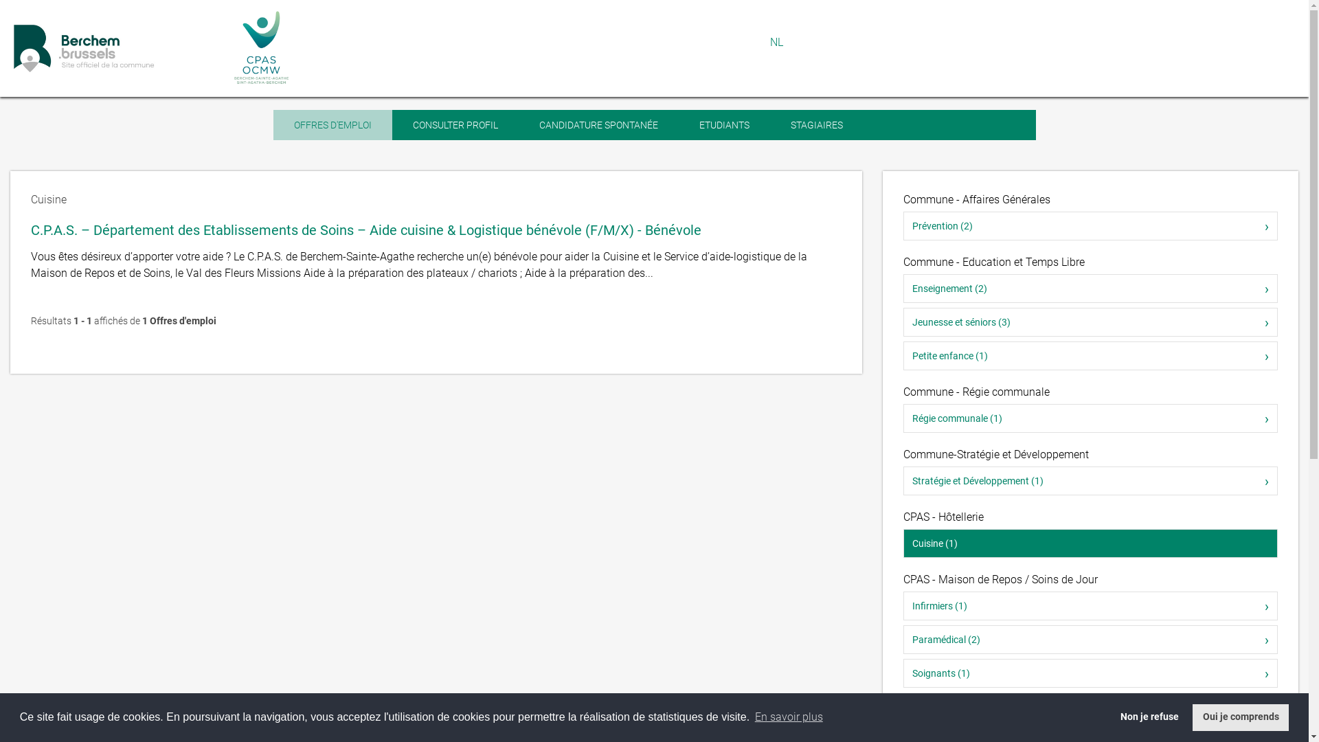 Image resolution: width=1319 pixels, height=742 pixels. What do you see at coordinates (903, 262) in the screenshot?
I see `'Commune - Education et Temps Libre'` at bounding box center [903, 262].